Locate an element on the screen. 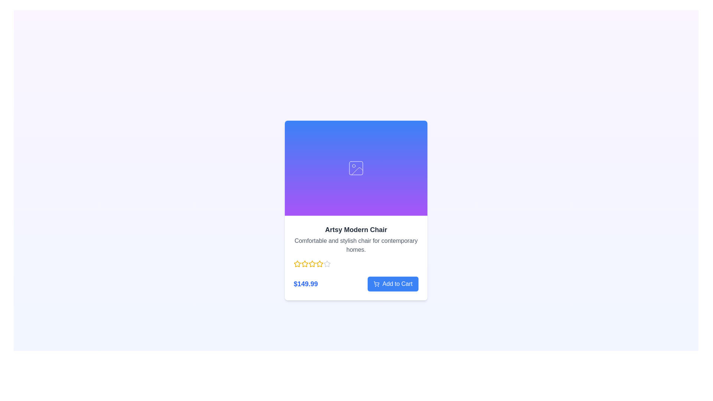 The height and width of the screenshot is (401, 713). the second star rating icon, which is styled with a yellow outline and has a hollow center is located at coordinates (305, 263).